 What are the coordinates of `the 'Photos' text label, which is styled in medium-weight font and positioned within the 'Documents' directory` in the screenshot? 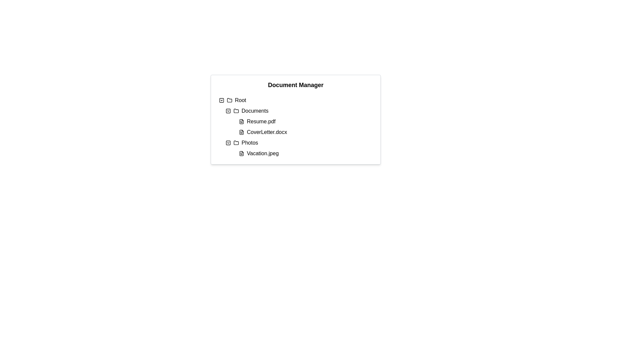 It's located at (249, 142).